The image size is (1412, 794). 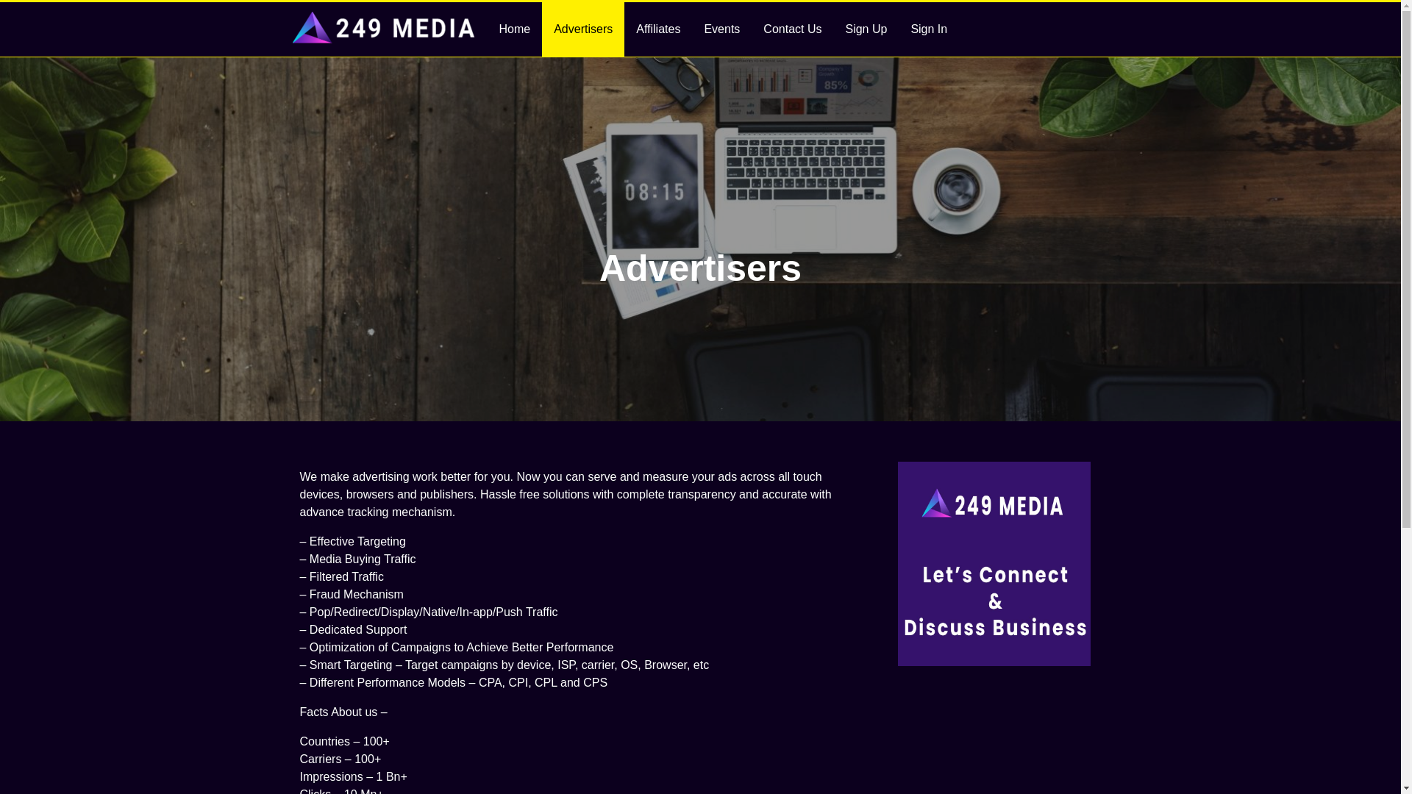 I want to click on 'Events', so click(x=721, y=29).